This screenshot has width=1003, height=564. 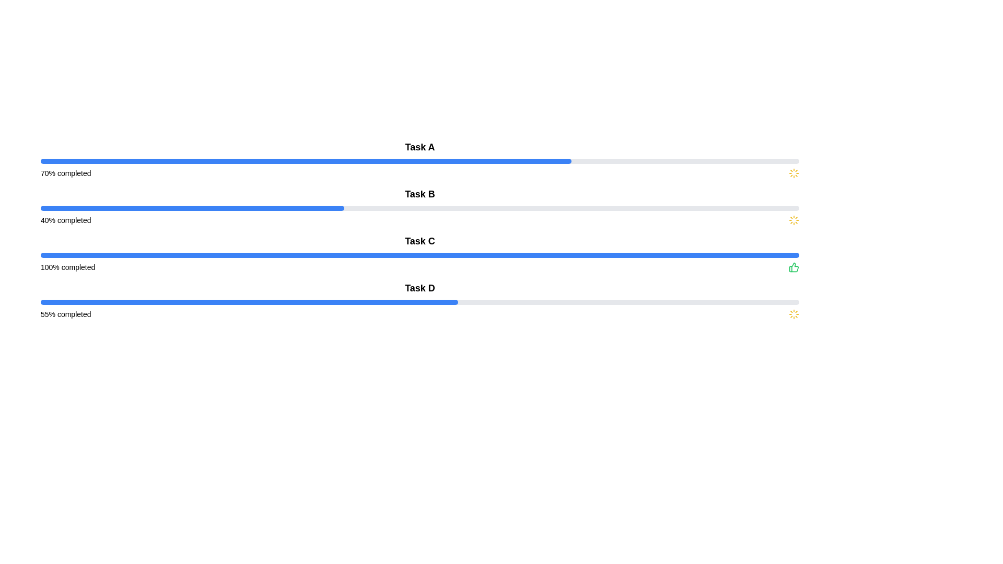 What do you see at coordinates (420, 206) in the screenshot?
I see `progress information from the Progress Indicator for 'Task B', which visually indicates completion as a percentage and is positioned below 'Task A' and above 'Task C'` at bounding box center [420, 206].